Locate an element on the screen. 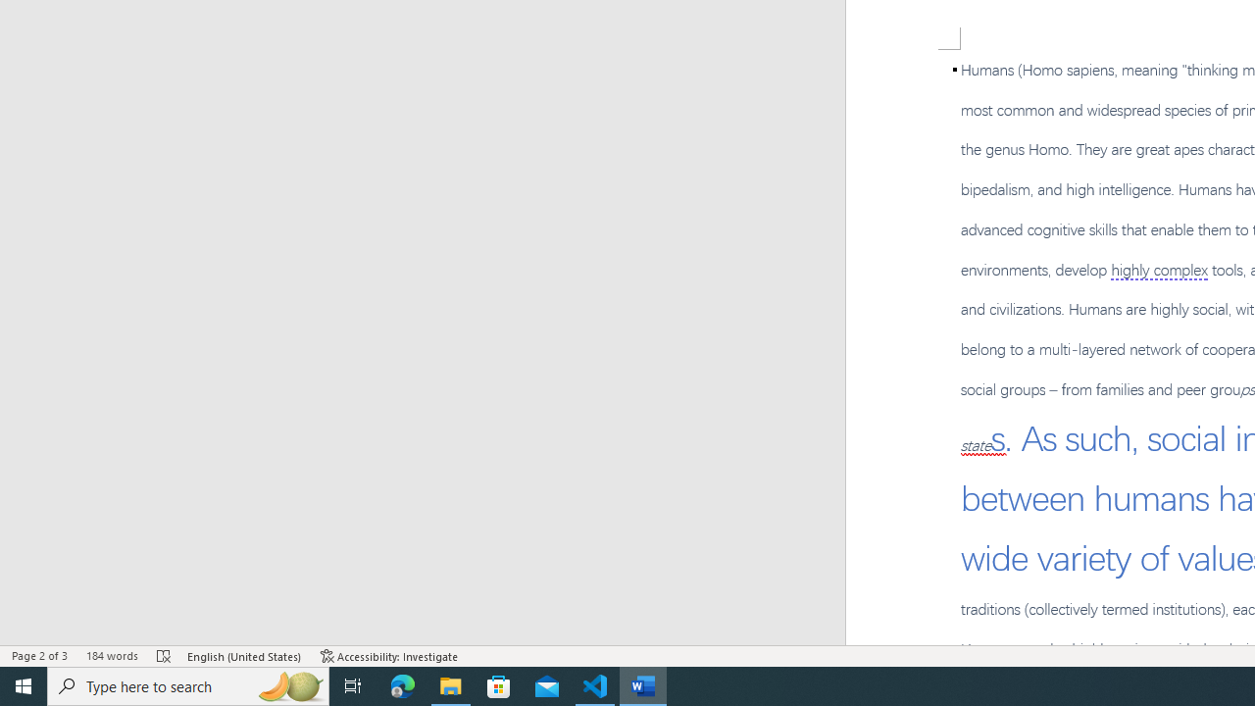 The height and width of the screenshot is (706, 1255). 'Language English (United States)' is located at coordinates (244, 656).